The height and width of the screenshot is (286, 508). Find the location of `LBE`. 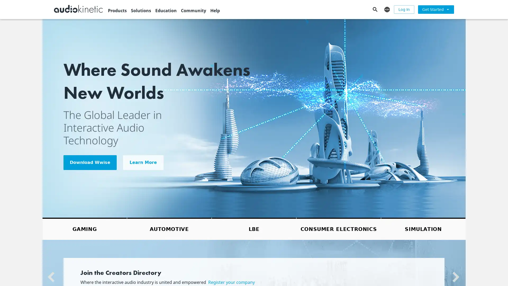

LBE is located at coordinates (254, 228).